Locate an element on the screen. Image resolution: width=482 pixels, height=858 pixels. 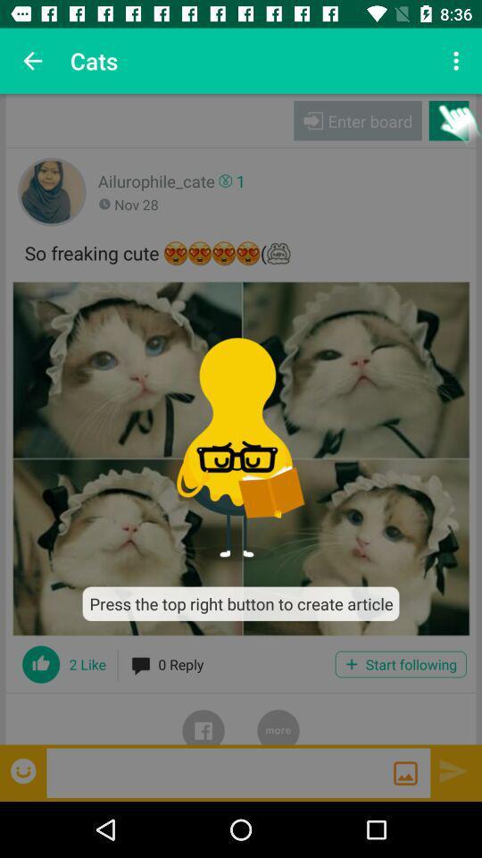
like photo is located at coordinates (41, 663).